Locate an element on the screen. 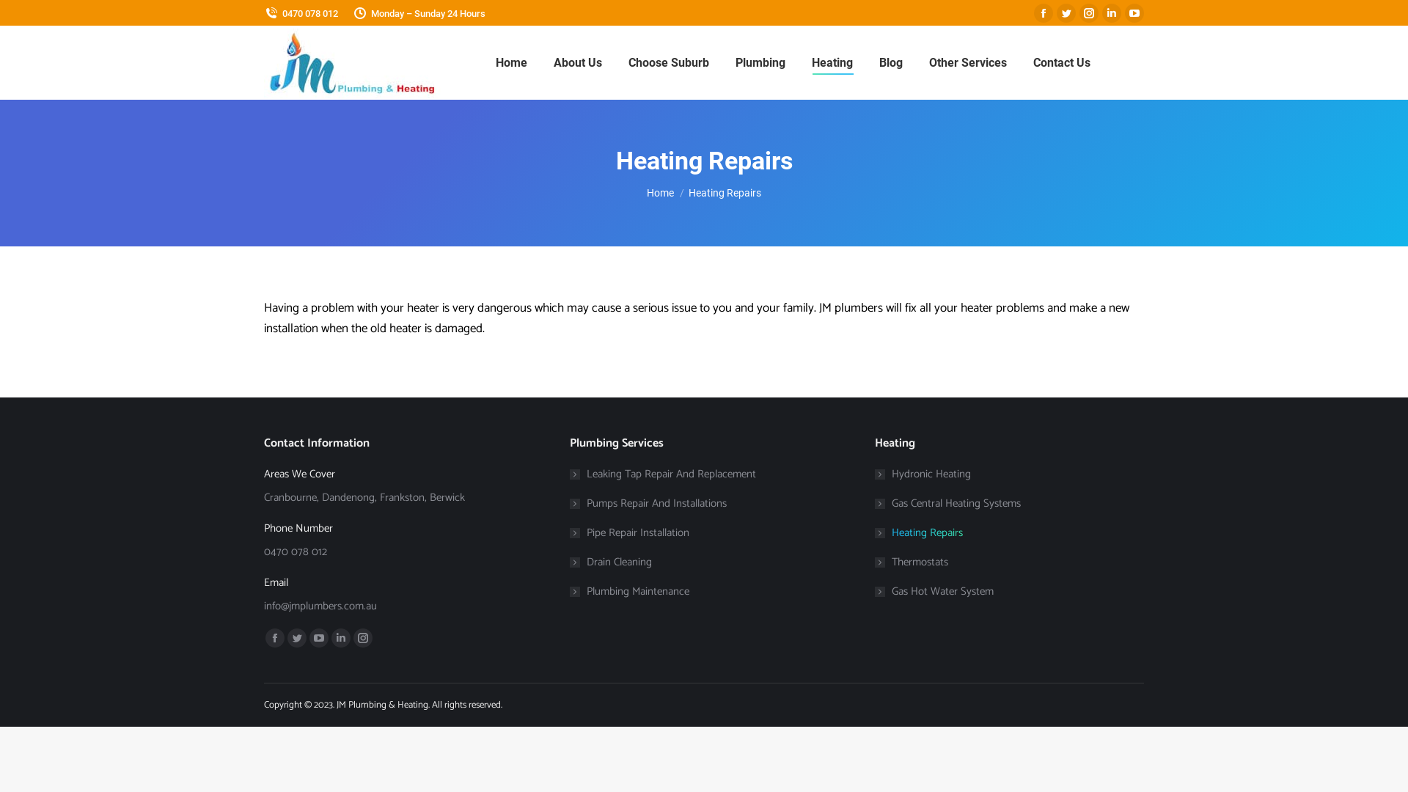 The height and width of the screenshot is (792, 1408). 'Pumps Repair And Installations' is located at coordinates (647, 502).